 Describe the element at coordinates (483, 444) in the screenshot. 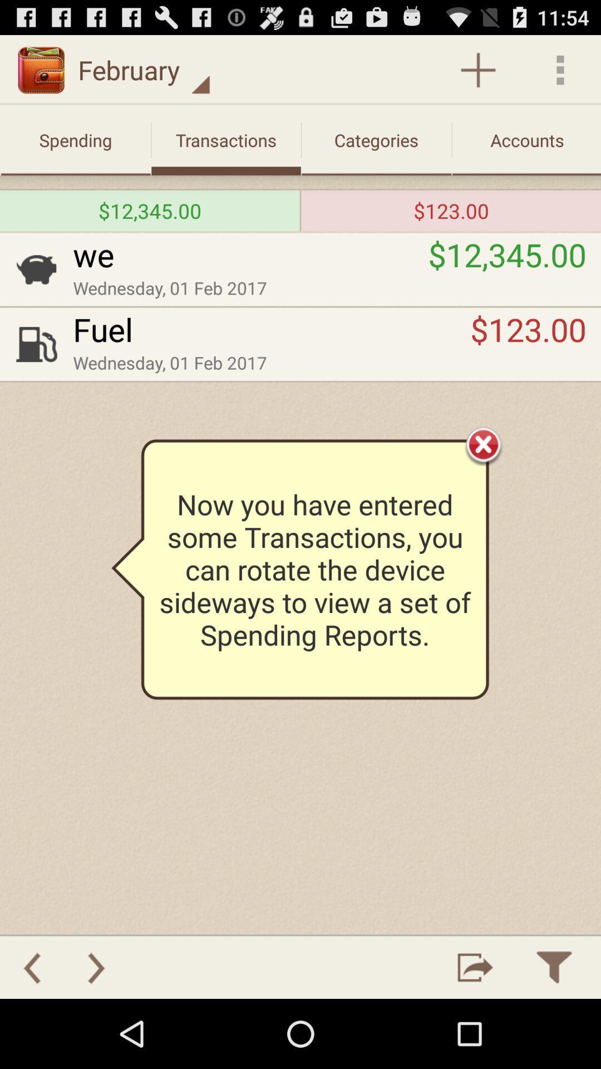

I see `the icon on the right` at that location.